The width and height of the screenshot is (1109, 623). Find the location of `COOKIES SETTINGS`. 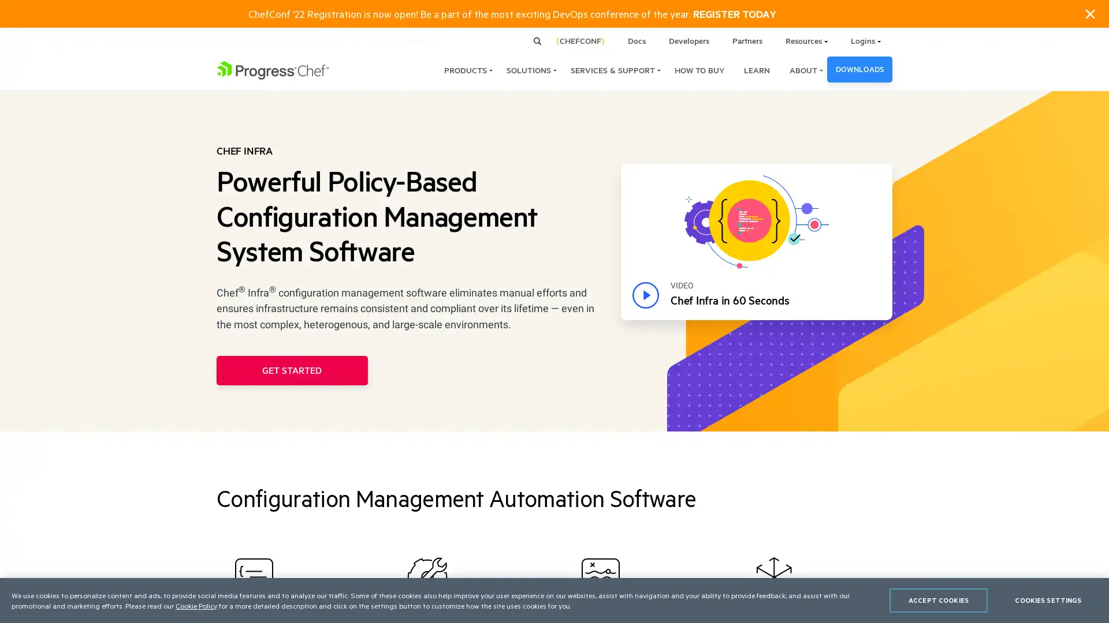

COOKIES SETTINGS is located at coordinates (1048, 600).